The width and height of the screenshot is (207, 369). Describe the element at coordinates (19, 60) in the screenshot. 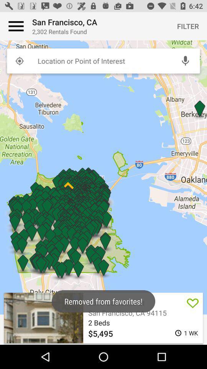

I see `the location_crosshair icon` at that location.